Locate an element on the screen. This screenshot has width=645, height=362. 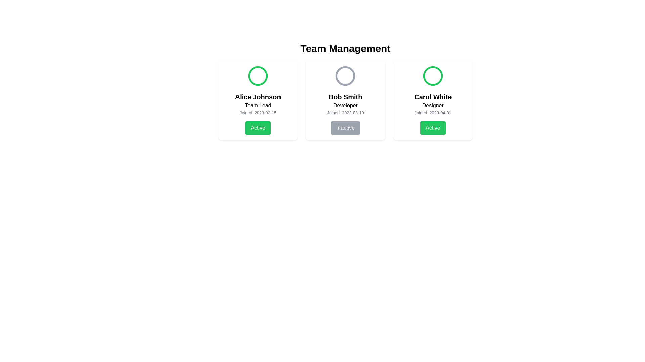
the green button labeled 'Active' located at the bottom of the card for 'Carol White, Designer' is located at coordinates (432, 128).